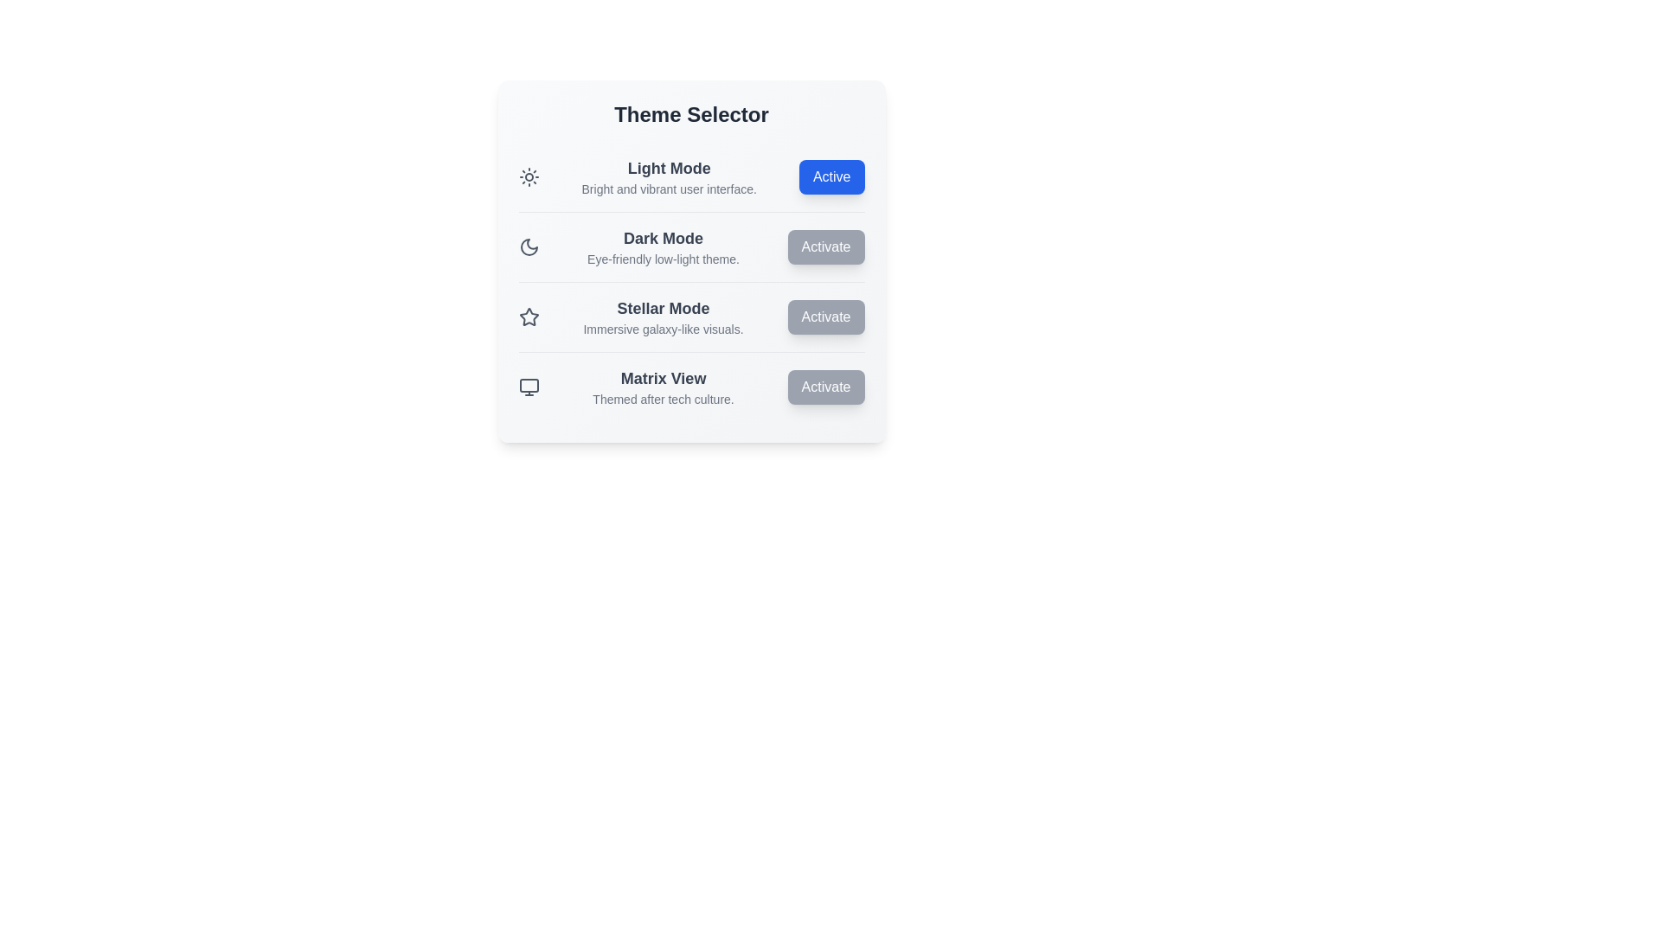  Describe the element at coordinates (528, 317) in the screenshot. I see `the icon for the selected theme Stellar Mode` at that location.